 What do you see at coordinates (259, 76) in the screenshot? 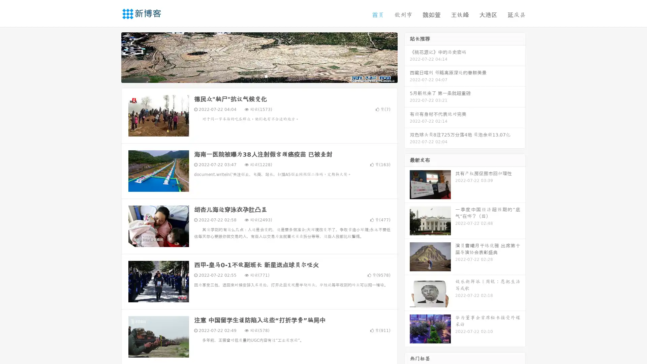
I see `Go to slide 2` at bounding box center [259, 76].